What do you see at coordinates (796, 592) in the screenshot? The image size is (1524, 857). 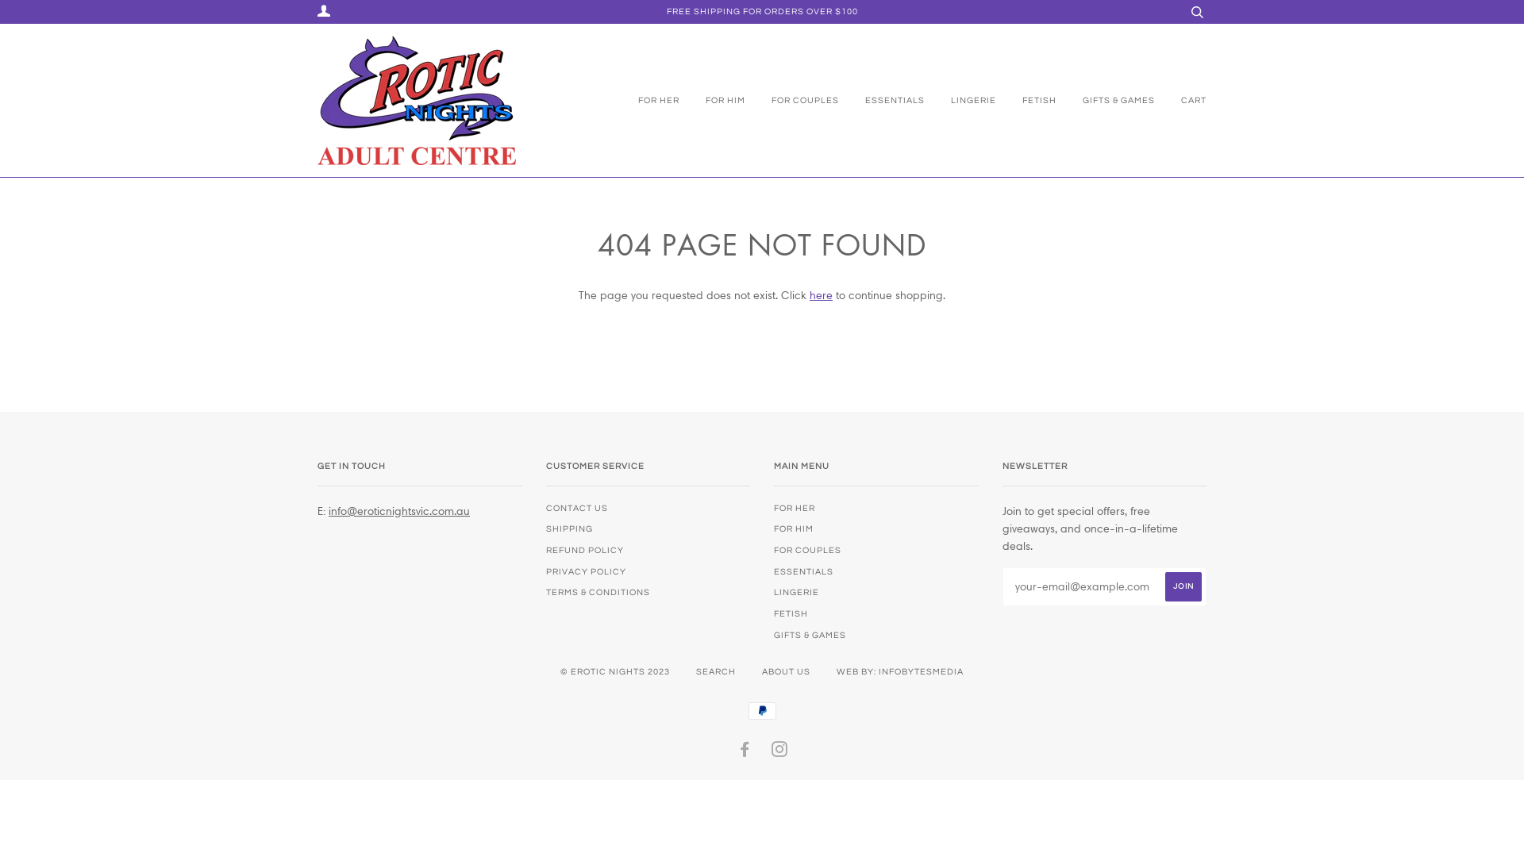 I see `'LINGERIE'` at bounding box center [796, 592].